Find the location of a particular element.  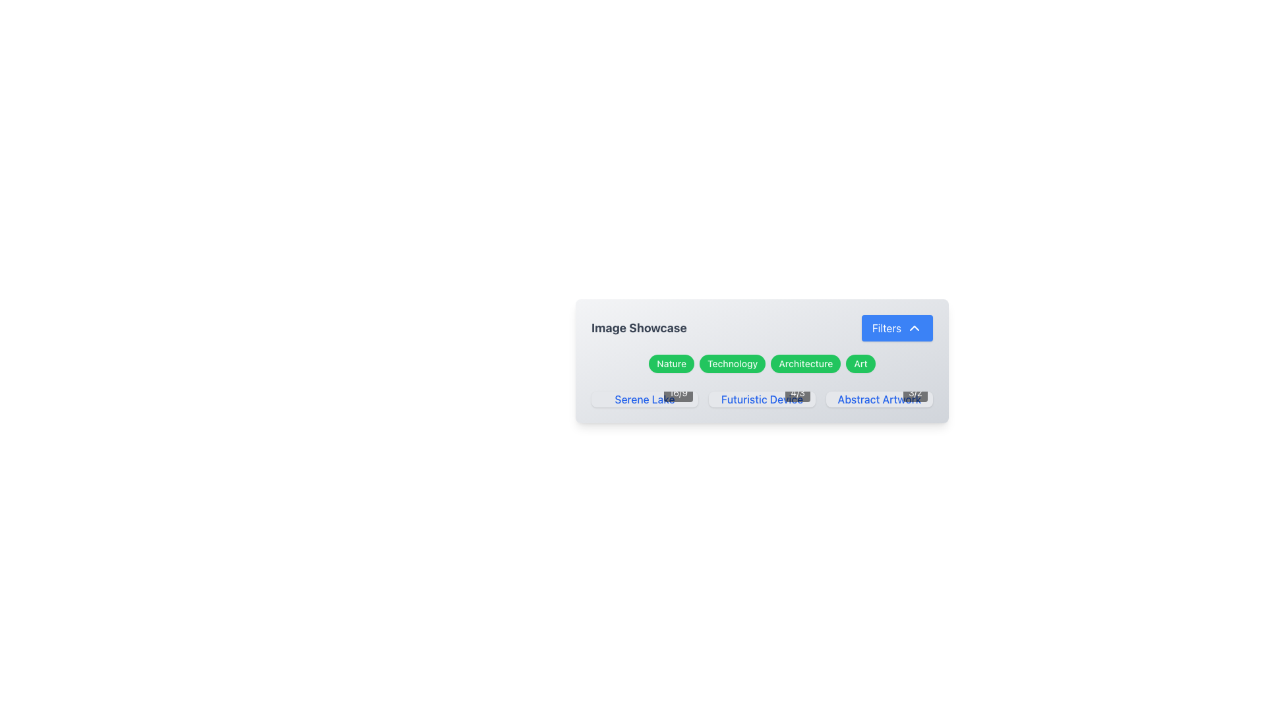

the Chevron Icon located on the right side of the 'Filters' button, which indicates a collapsible or expandable section is located at coordinates (914, 327).